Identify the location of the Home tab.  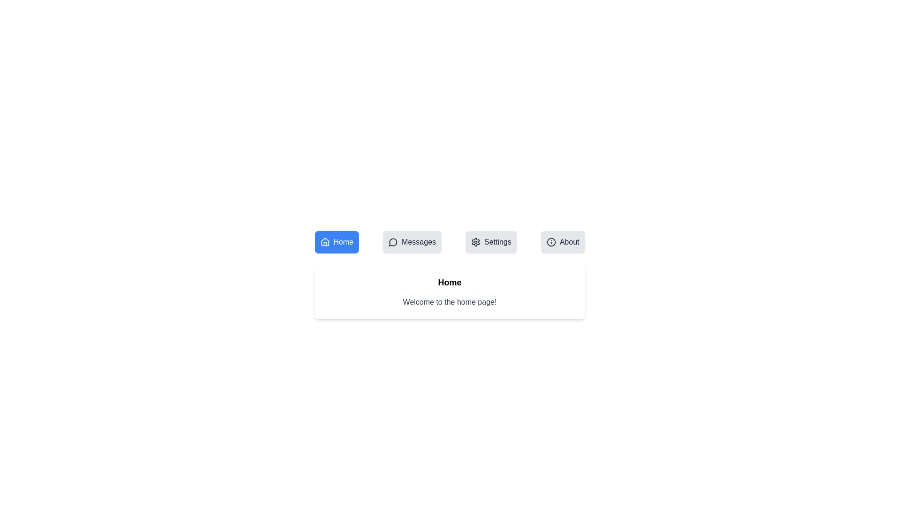
(336, 242).